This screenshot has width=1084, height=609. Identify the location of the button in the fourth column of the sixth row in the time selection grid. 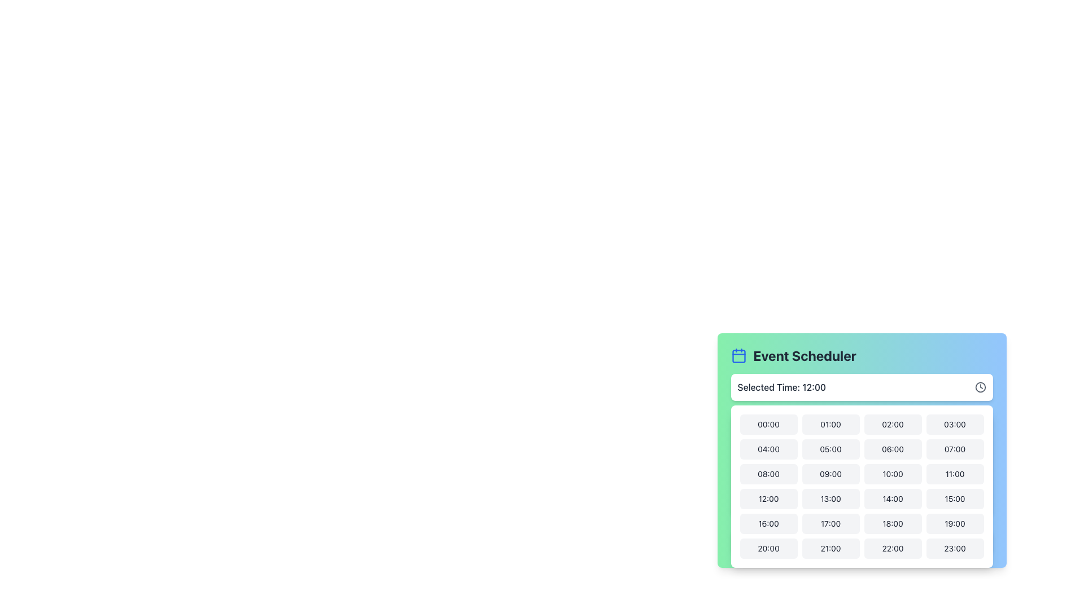
(954, 524).